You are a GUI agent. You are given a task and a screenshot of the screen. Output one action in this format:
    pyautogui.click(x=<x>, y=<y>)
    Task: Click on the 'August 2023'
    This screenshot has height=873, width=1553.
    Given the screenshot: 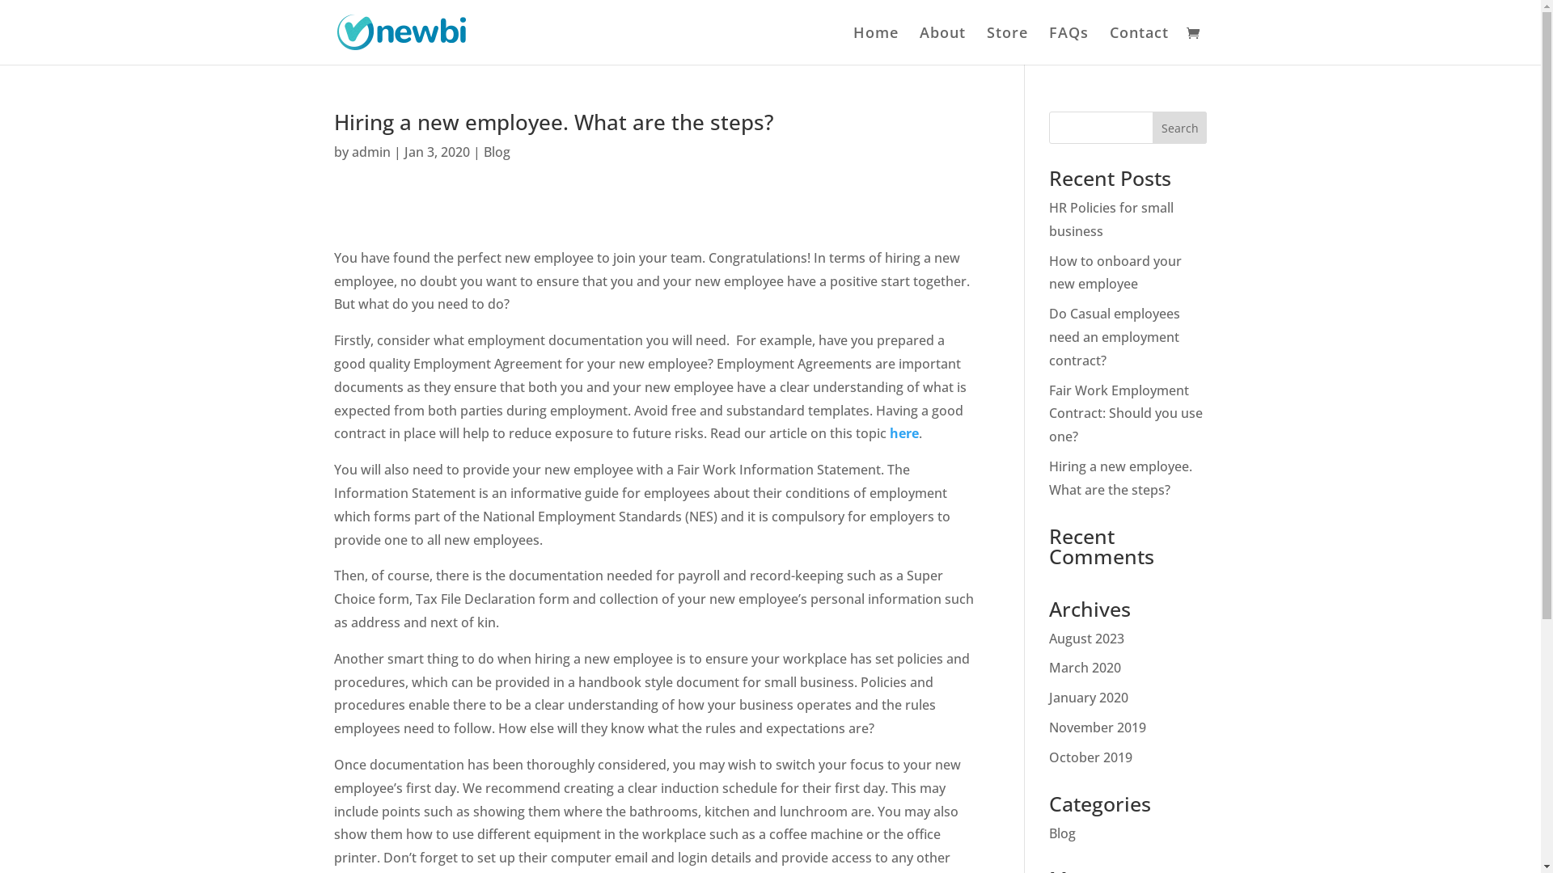 What is the action you would take?
    pyautogui.click(x=1086, y=638)
    